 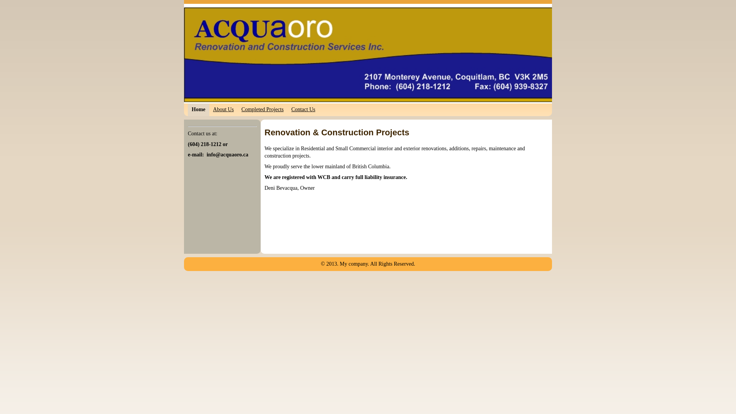 What do you see at coordinates (223, 110) in the screenshot?
I see `'About Us'` at bounding box center [223, 110].